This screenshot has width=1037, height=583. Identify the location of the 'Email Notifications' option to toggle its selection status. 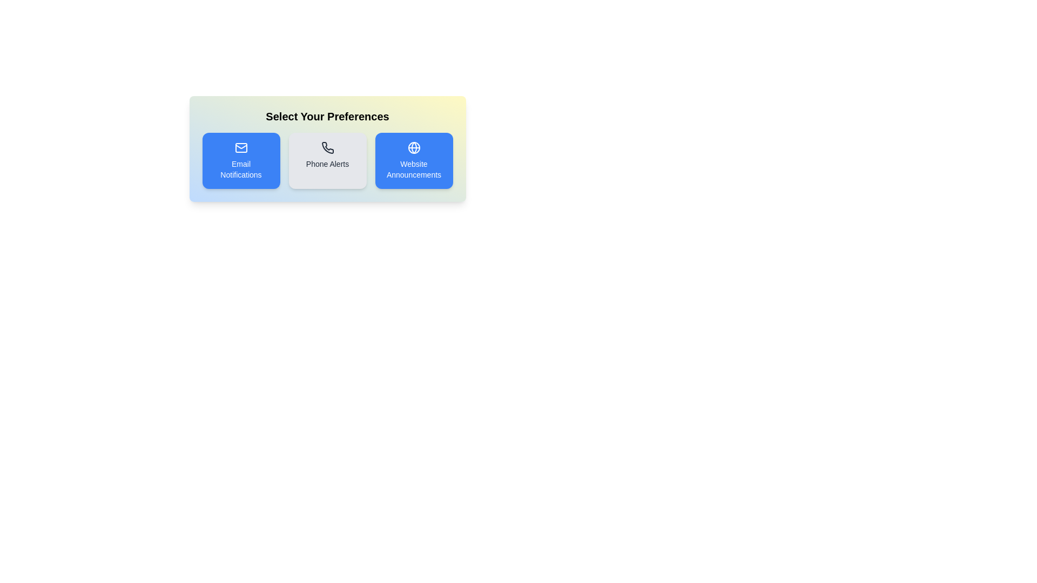
(240, 160).